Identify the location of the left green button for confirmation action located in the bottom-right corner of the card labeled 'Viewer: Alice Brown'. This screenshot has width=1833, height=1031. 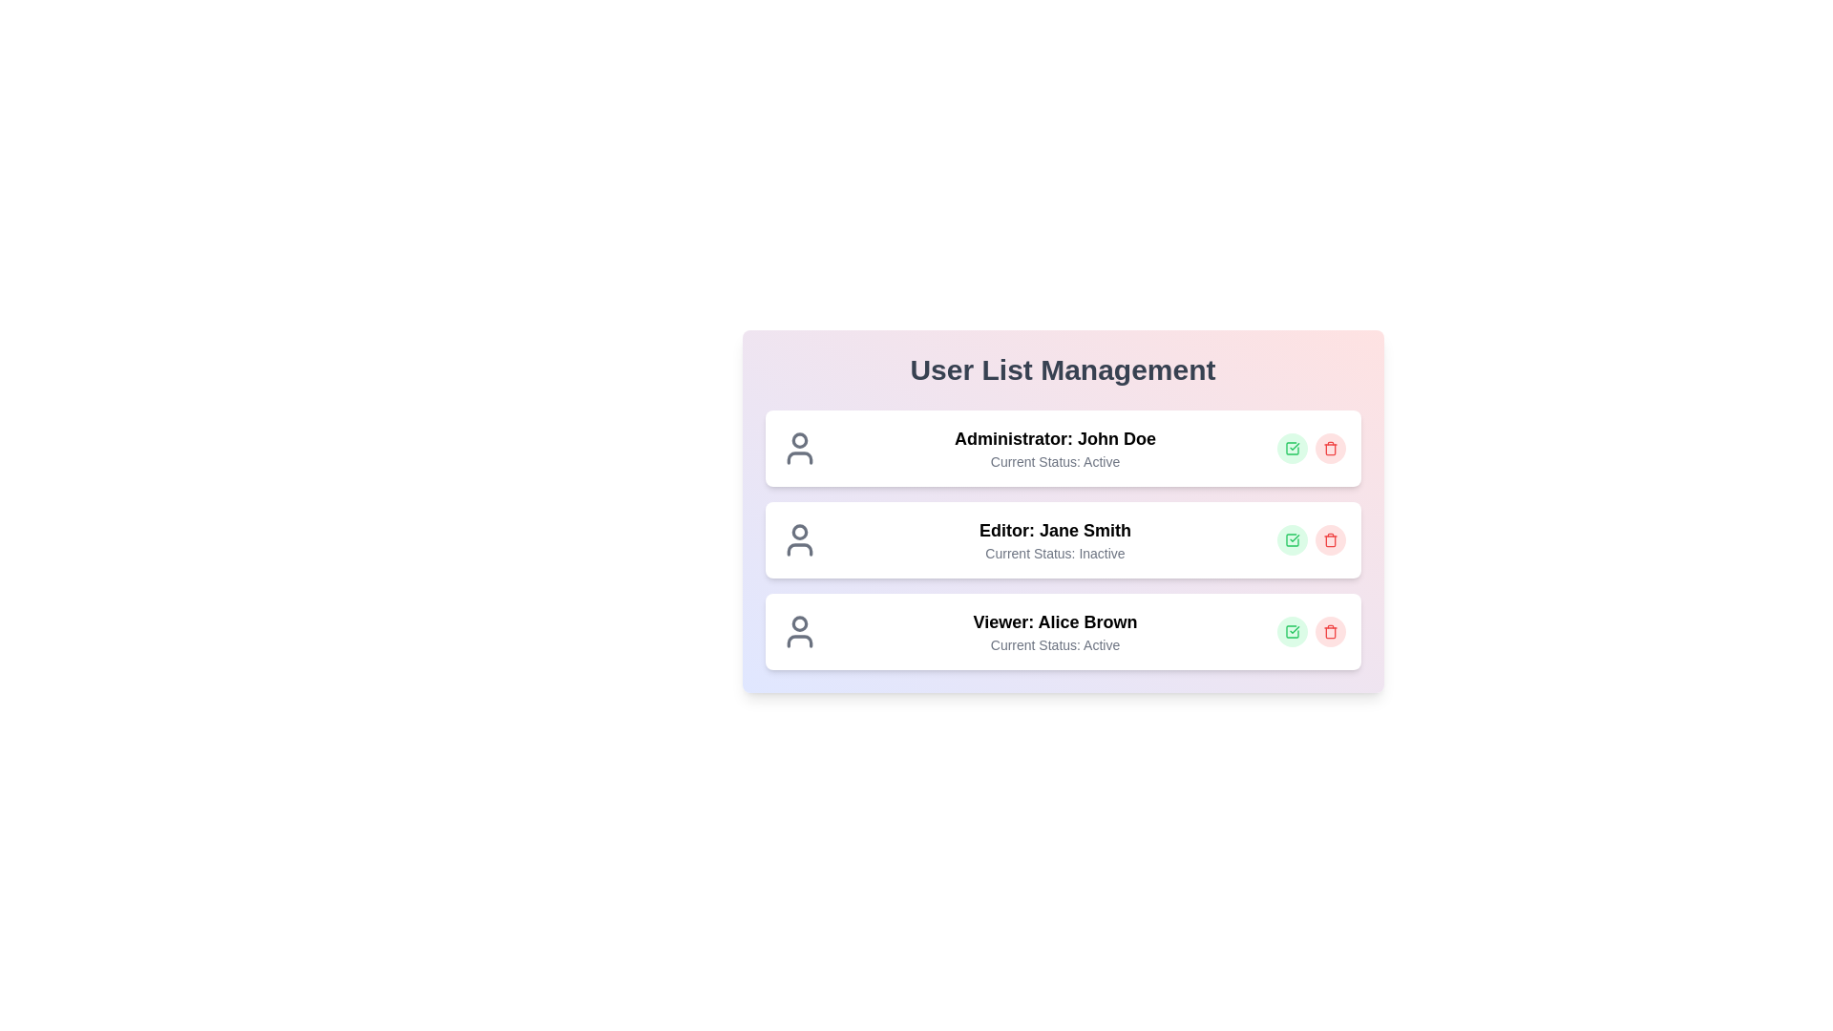
(1310, 632).